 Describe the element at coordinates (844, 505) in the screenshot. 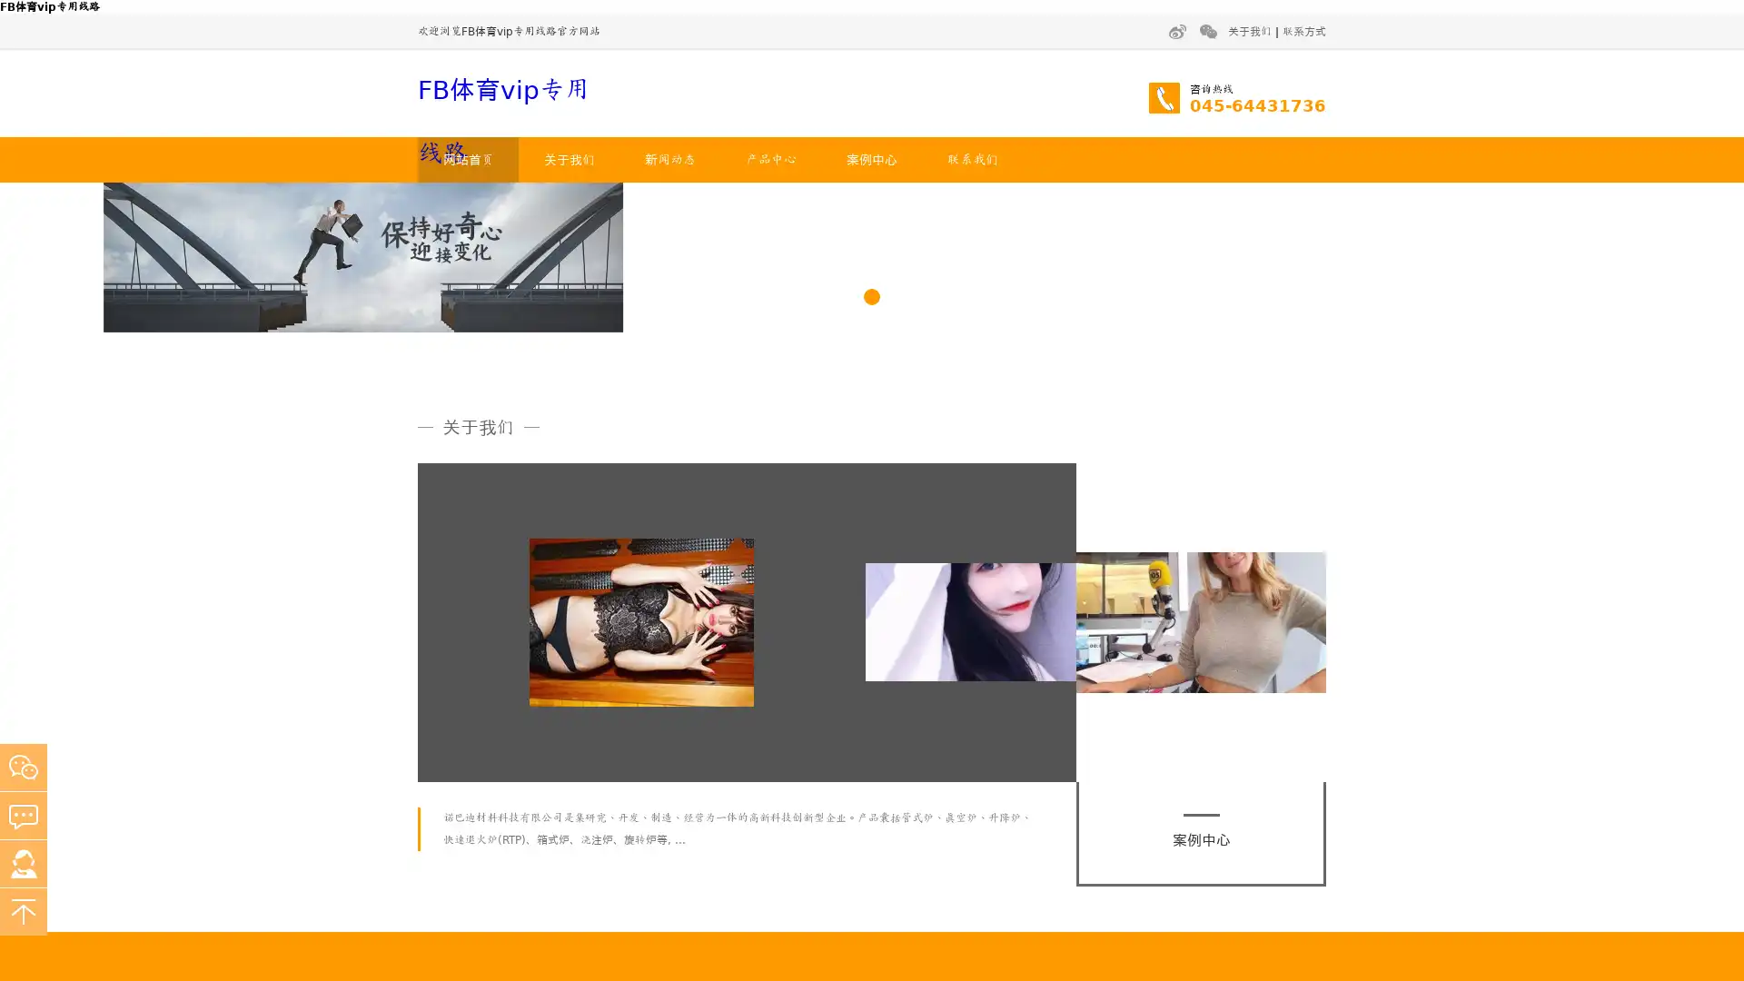

I see `1` at that location.